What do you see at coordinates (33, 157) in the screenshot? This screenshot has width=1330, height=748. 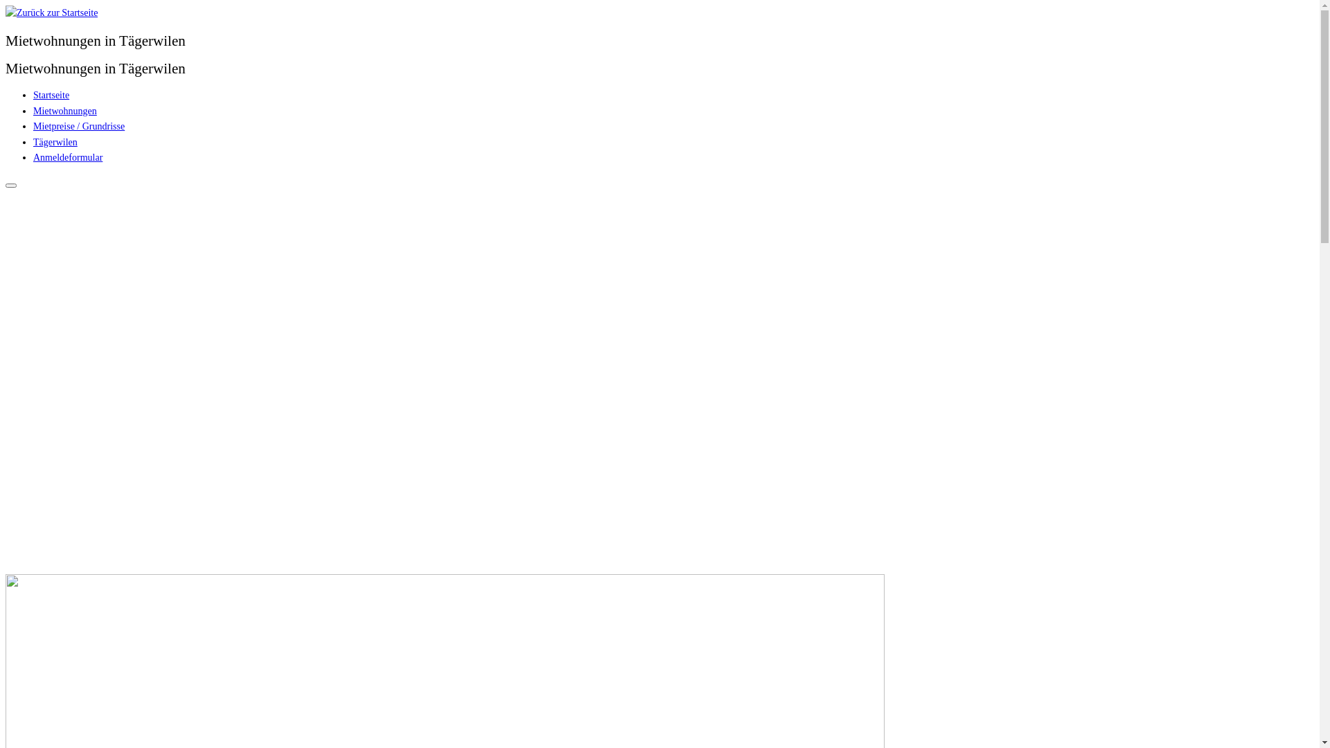 I see `'Anmeldeformular'` at bounding box center [33, 157].